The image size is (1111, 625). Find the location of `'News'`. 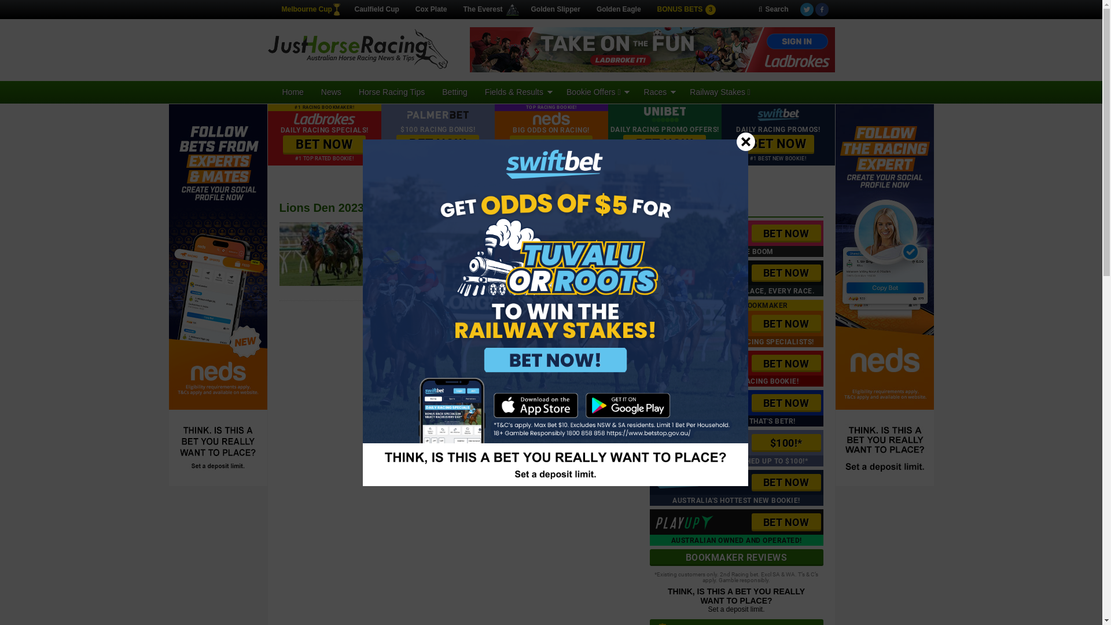

'News' is located at coordinates (330, 91).